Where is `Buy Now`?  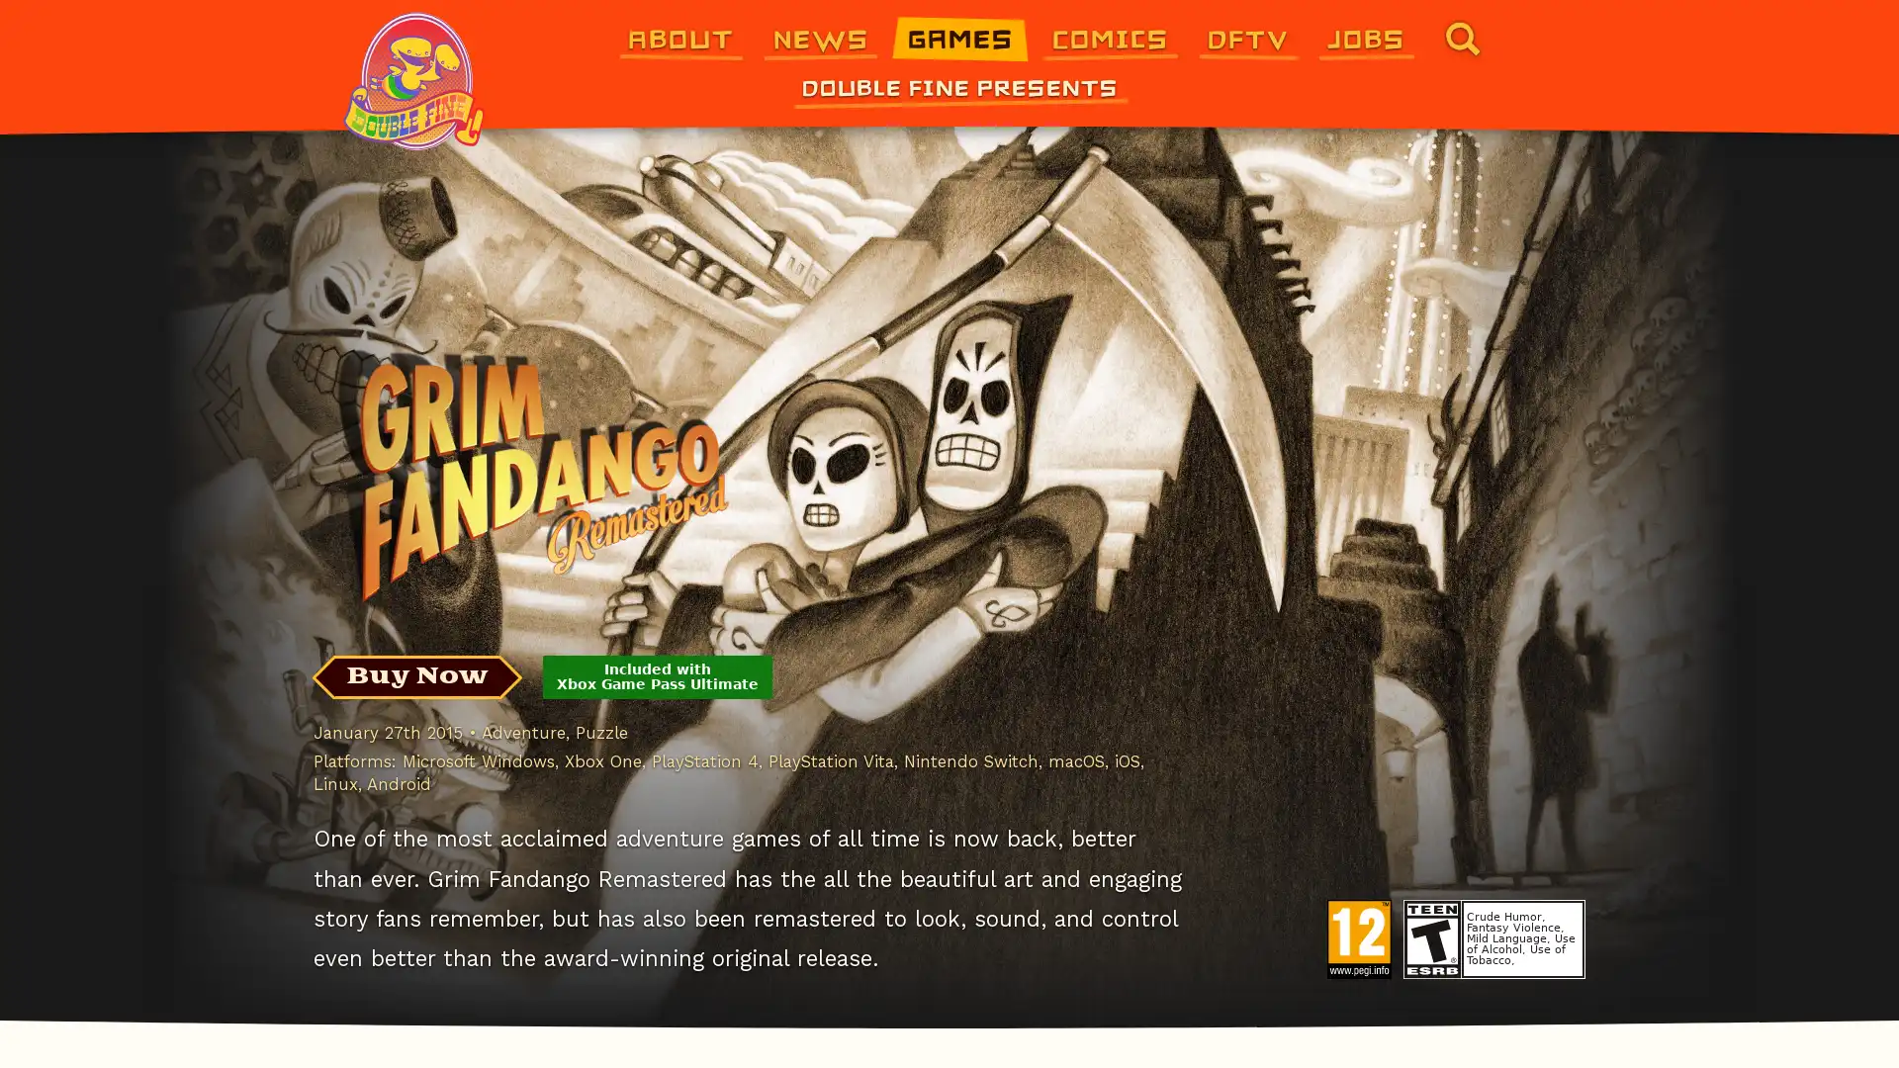 Buy Now is located at coordinates (415, 675).